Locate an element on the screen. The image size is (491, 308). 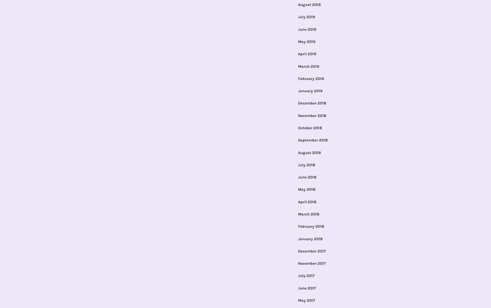
'February 2019' is located at coordinates (311, 78).